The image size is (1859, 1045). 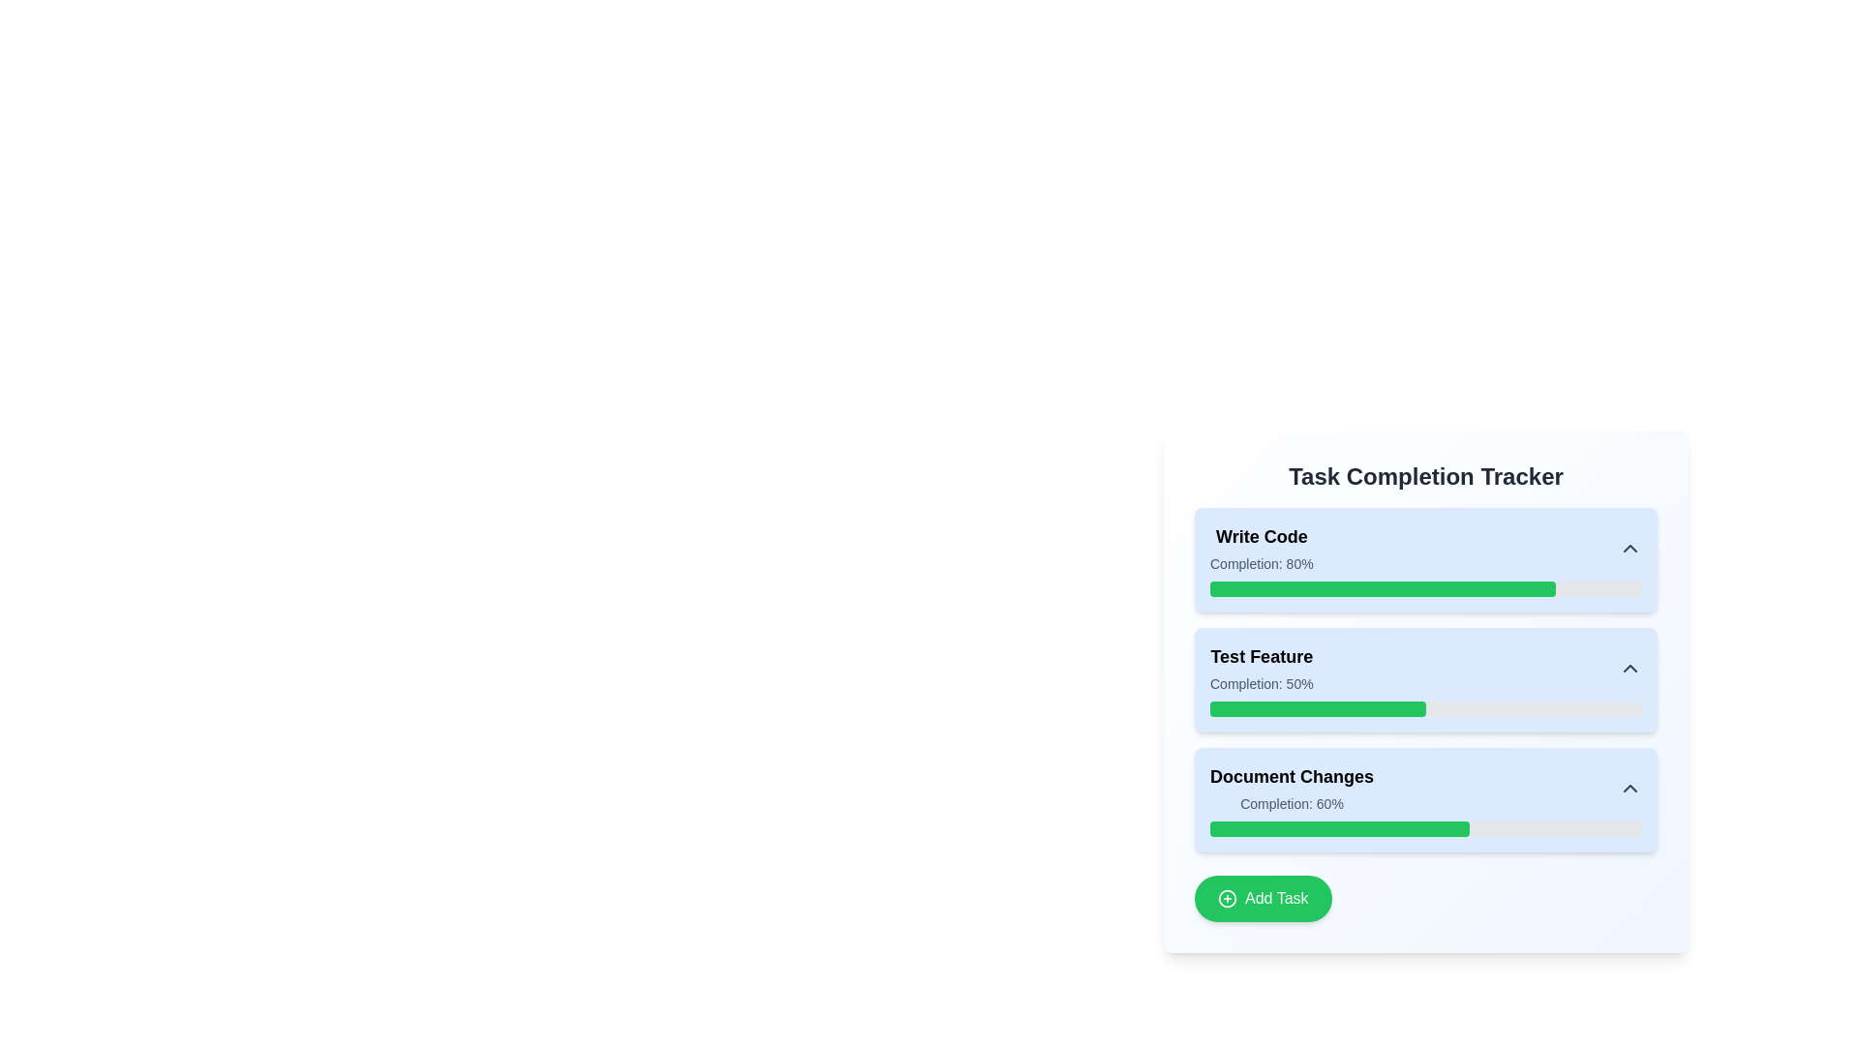 I want to click on the 'Test Feature' task details, so click(x=1426, y=690).